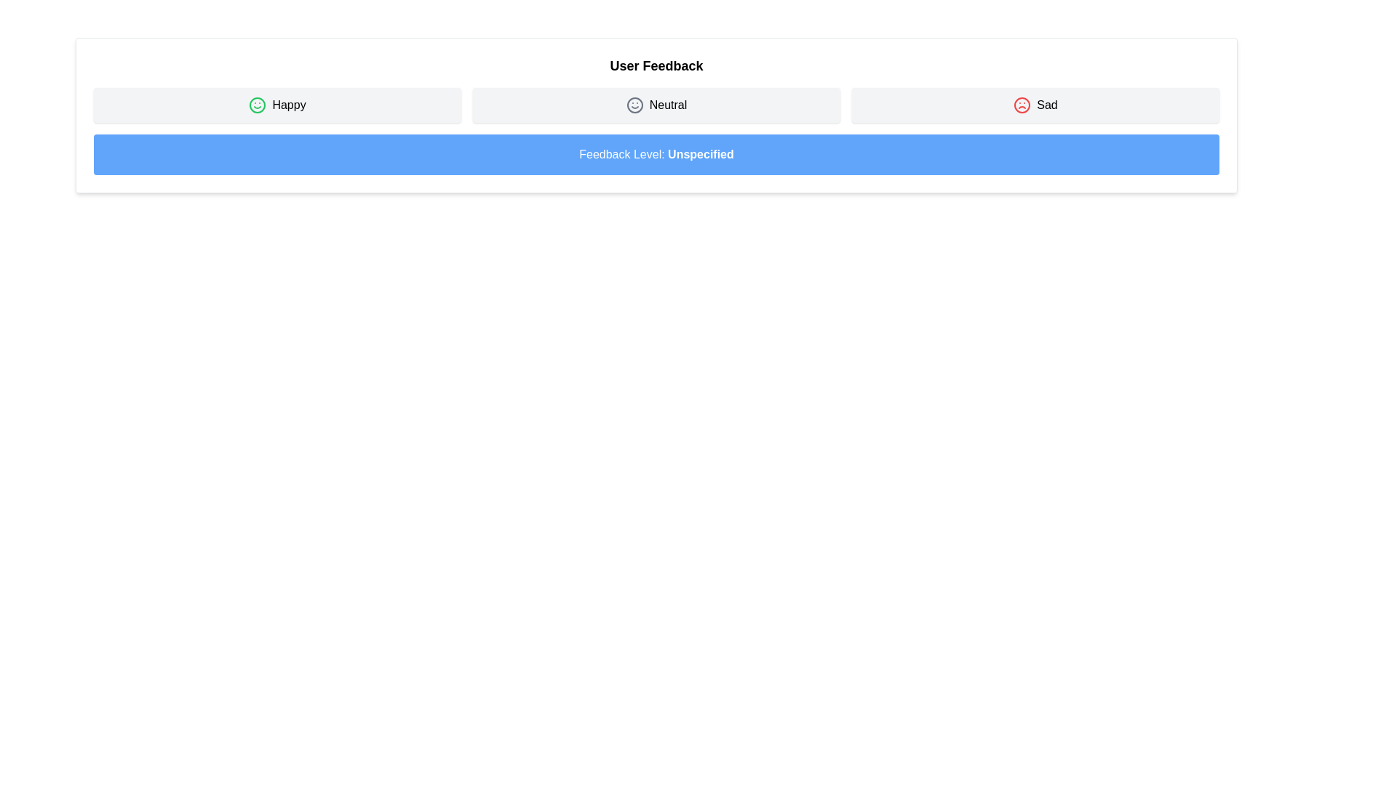  Describe the element at coordinates (277, 105) in the screenshot. I see `the 'Happy' feedback button, which is the first in a set of three horizontally aligned buttons, to provide visual feedback` at that location.